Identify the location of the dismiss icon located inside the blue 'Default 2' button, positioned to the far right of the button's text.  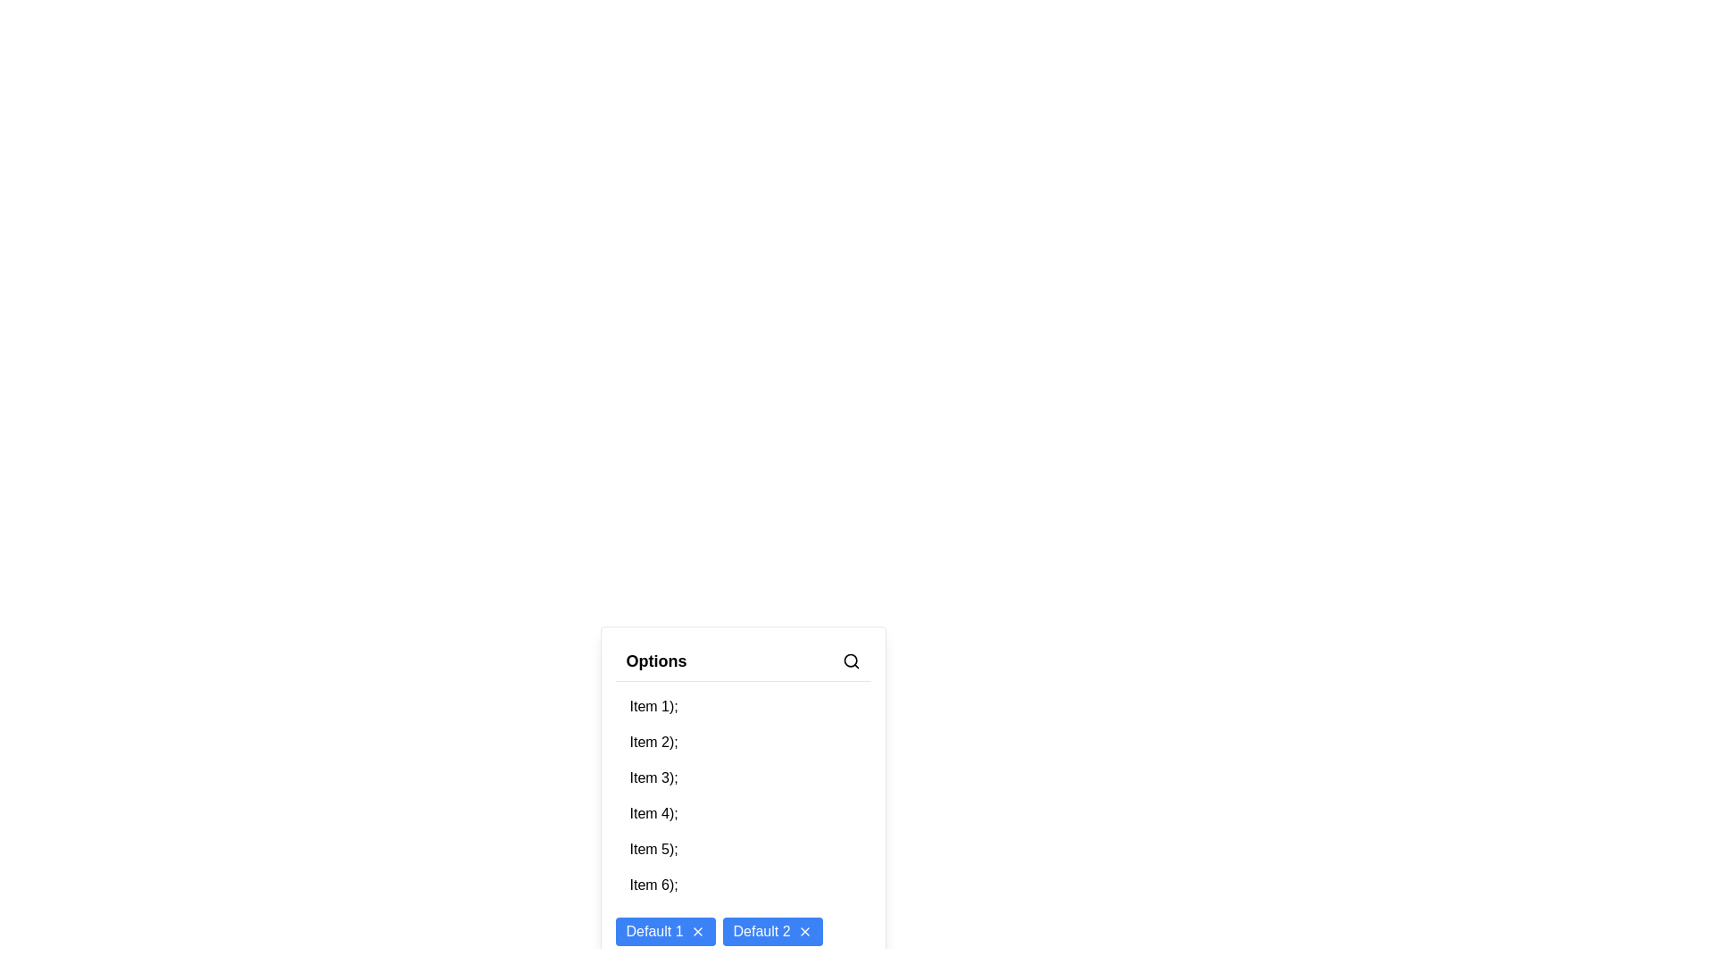
(803, 931).